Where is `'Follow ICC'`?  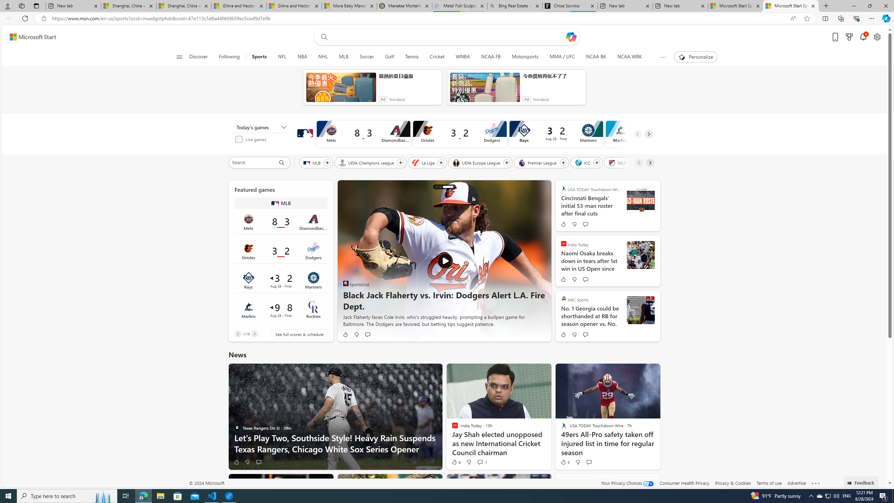
'Follow ICC' is located at coordinates (597, 163).